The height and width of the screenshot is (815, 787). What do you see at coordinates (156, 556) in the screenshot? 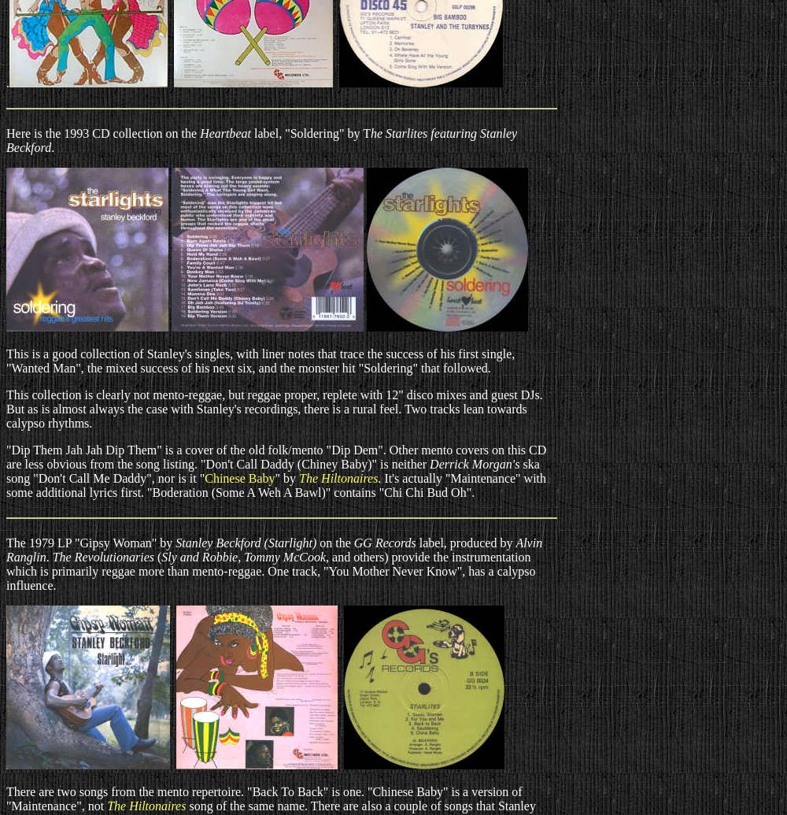
I see `'('` at bounding box center [156, 556].